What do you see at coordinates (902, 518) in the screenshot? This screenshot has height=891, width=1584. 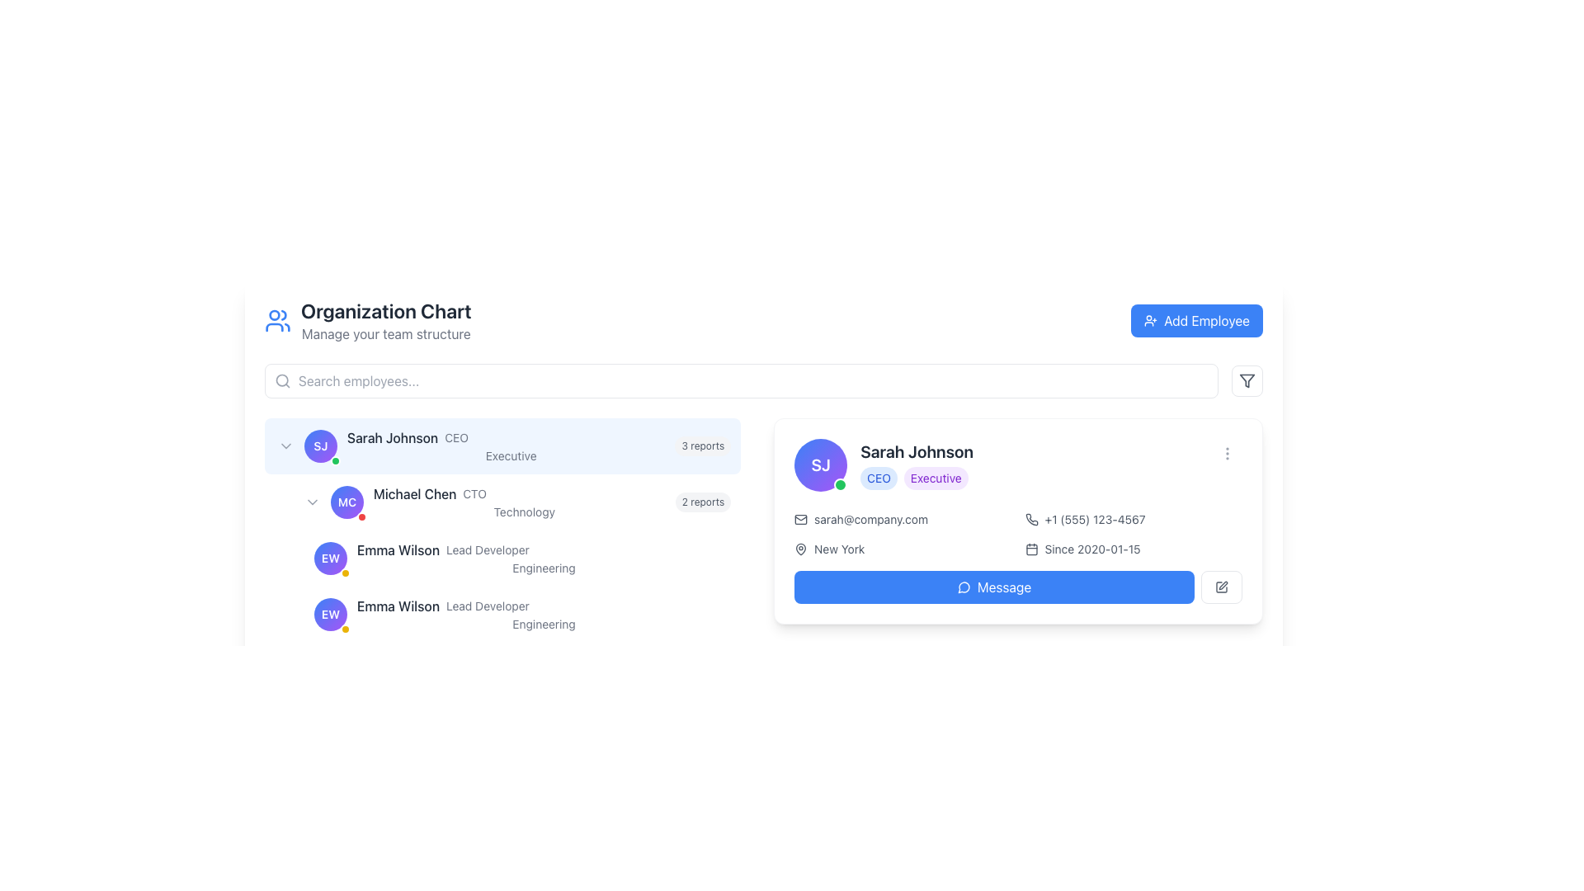 I see `on the email link displaying 'sarah@company.com' in the right panel under the 'Sarah Johnson' profile section` at bounding box center [902, 518].